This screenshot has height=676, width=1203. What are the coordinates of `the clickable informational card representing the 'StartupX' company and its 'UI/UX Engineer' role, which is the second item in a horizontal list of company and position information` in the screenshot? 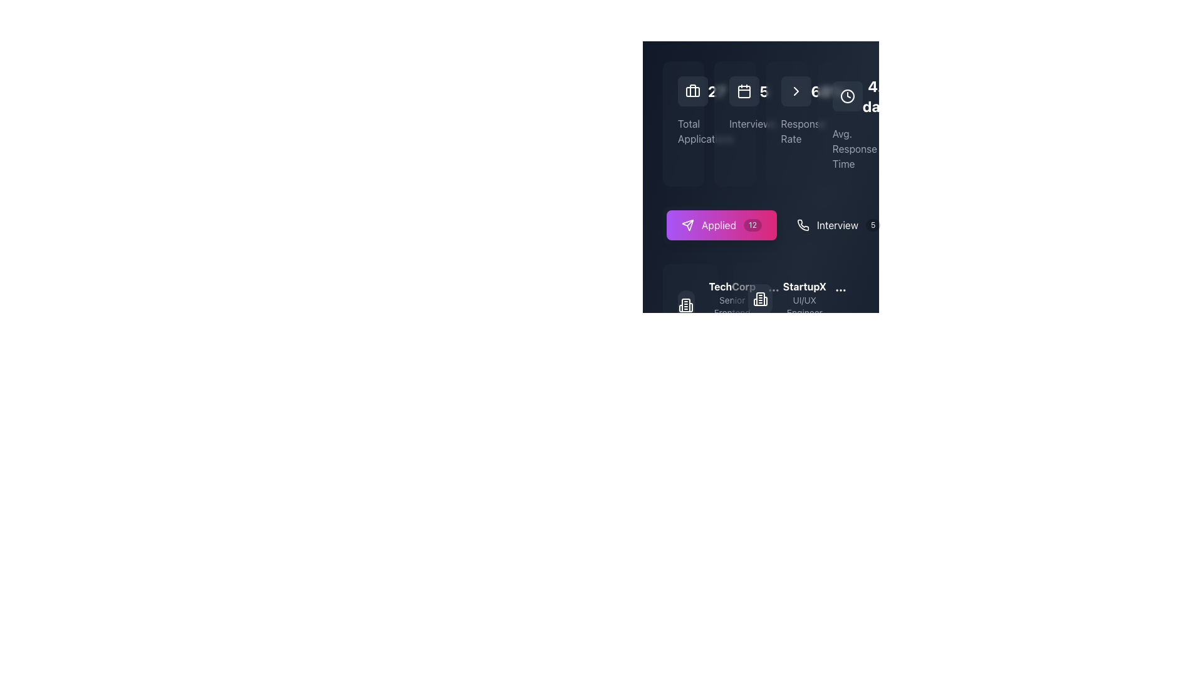 It's located at (805, 299).